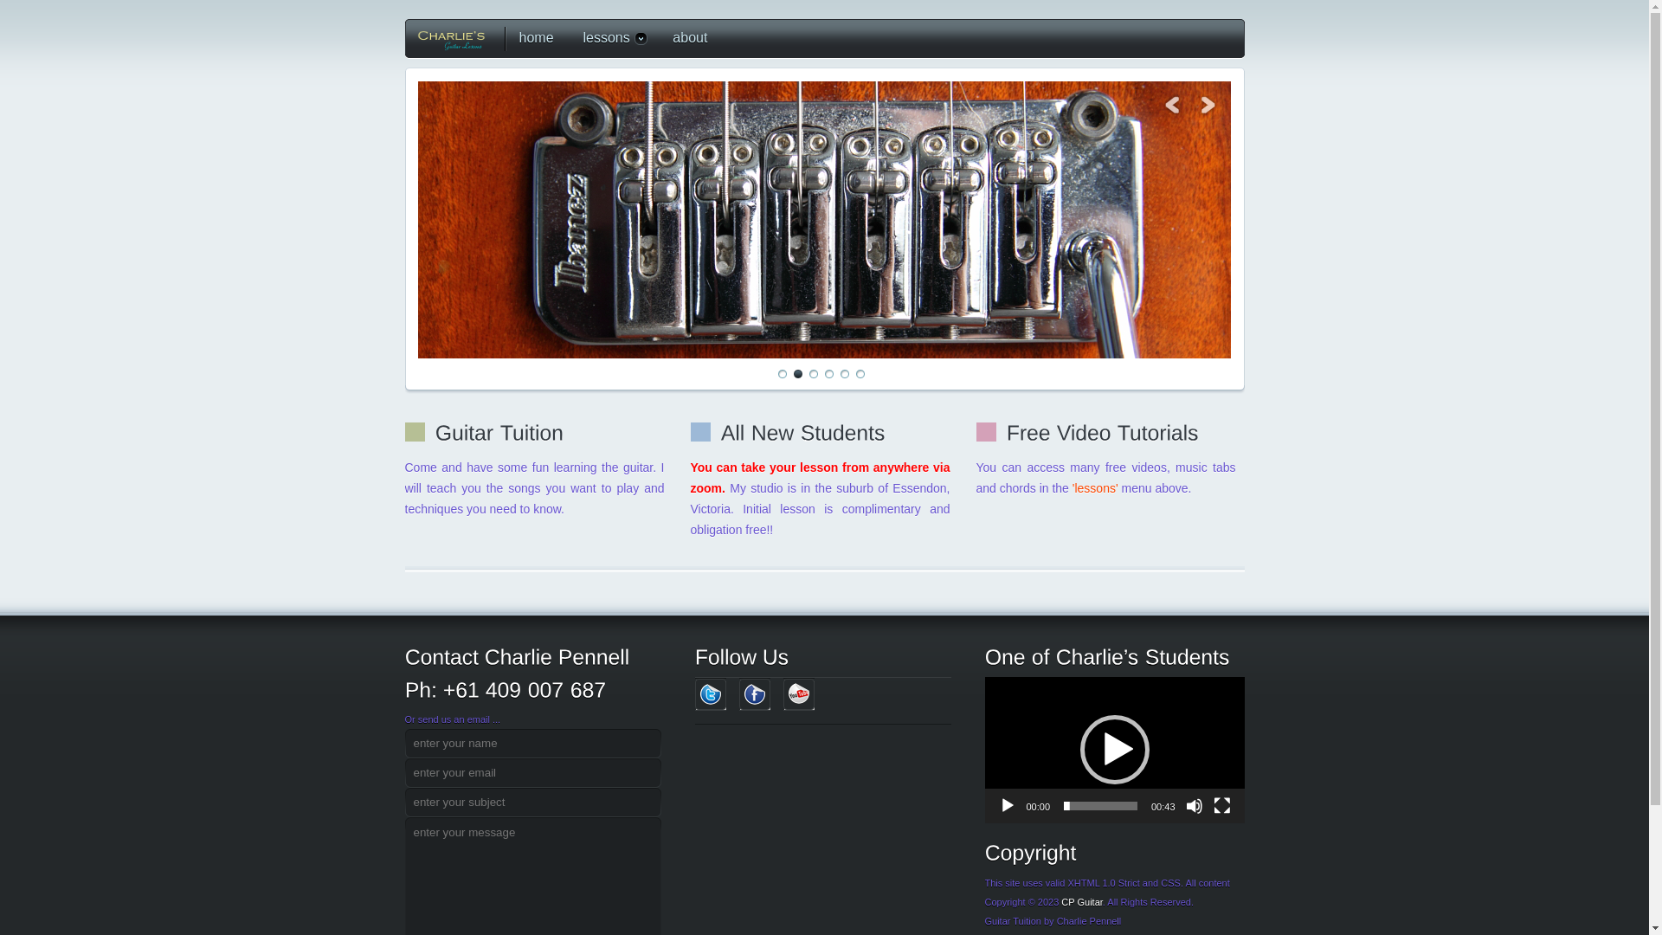 The height and width of the screenshot is (935, 1662). What do you see at coordinates (685, 38) in the screenshot?
I see `'about'` at bounding box center [685, 38].